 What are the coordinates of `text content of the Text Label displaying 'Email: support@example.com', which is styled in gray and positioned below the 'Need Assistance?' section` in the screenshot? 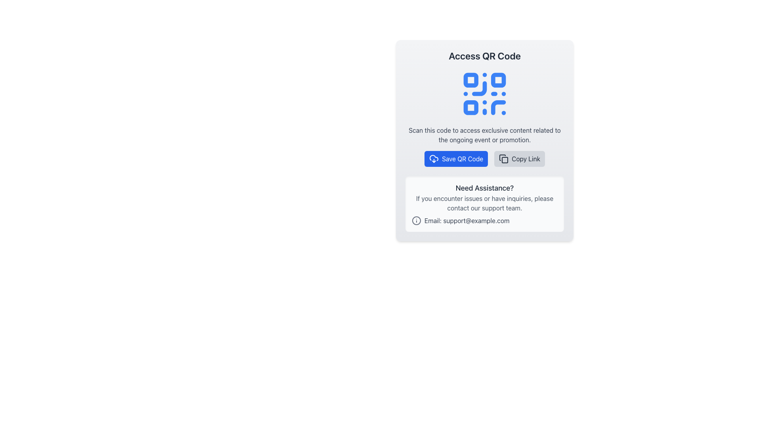 It's located at (467, 220).